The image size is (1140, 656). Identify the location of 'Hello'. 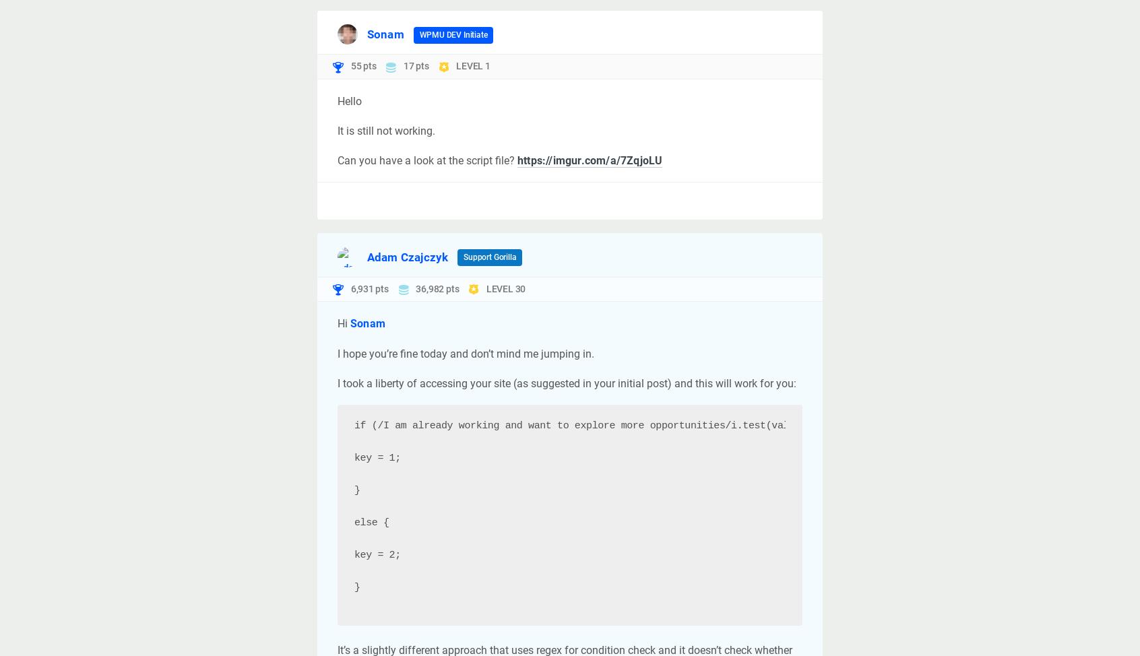
(349, 100).